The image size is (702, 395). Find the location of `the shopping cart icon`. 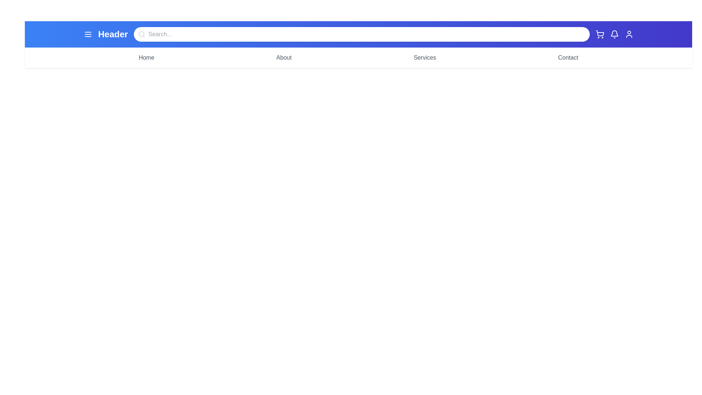

the shopping cart icon is located at coordinates (600, 34).